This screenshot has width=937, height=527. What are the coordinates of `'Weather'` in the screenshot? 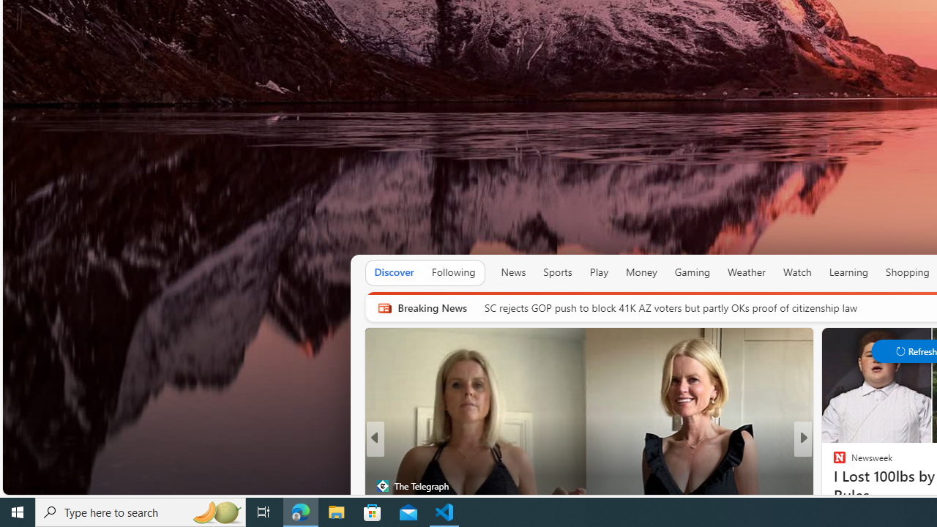 It's located at (747, 272).